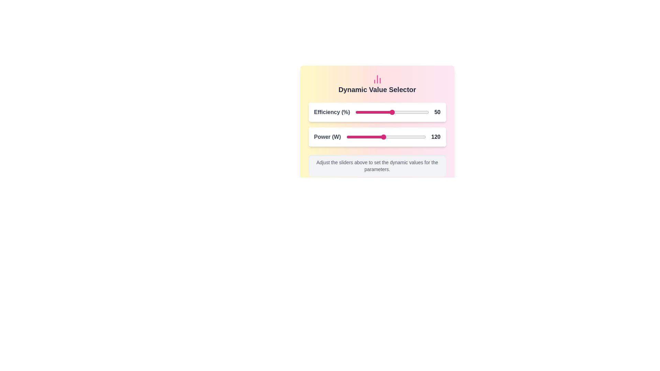 Image resolution: width=660 pixels, height=371 pixels. Describe the element at coordinates (409, 112) in the screenshot. I see `the Efficiency slider to 73 percentage` at that location.